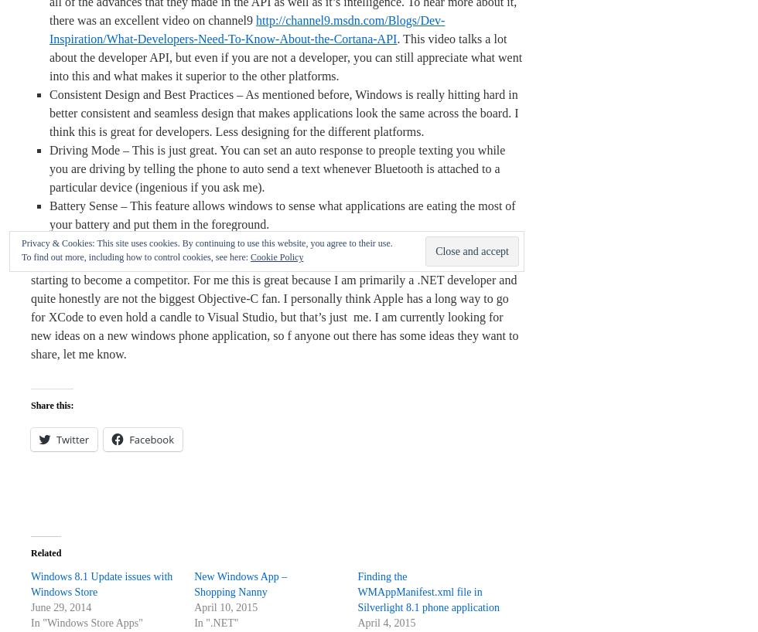  Describe the element at coordinates (52, 405) in the screenshot. I see `'Share this:'` at that location.